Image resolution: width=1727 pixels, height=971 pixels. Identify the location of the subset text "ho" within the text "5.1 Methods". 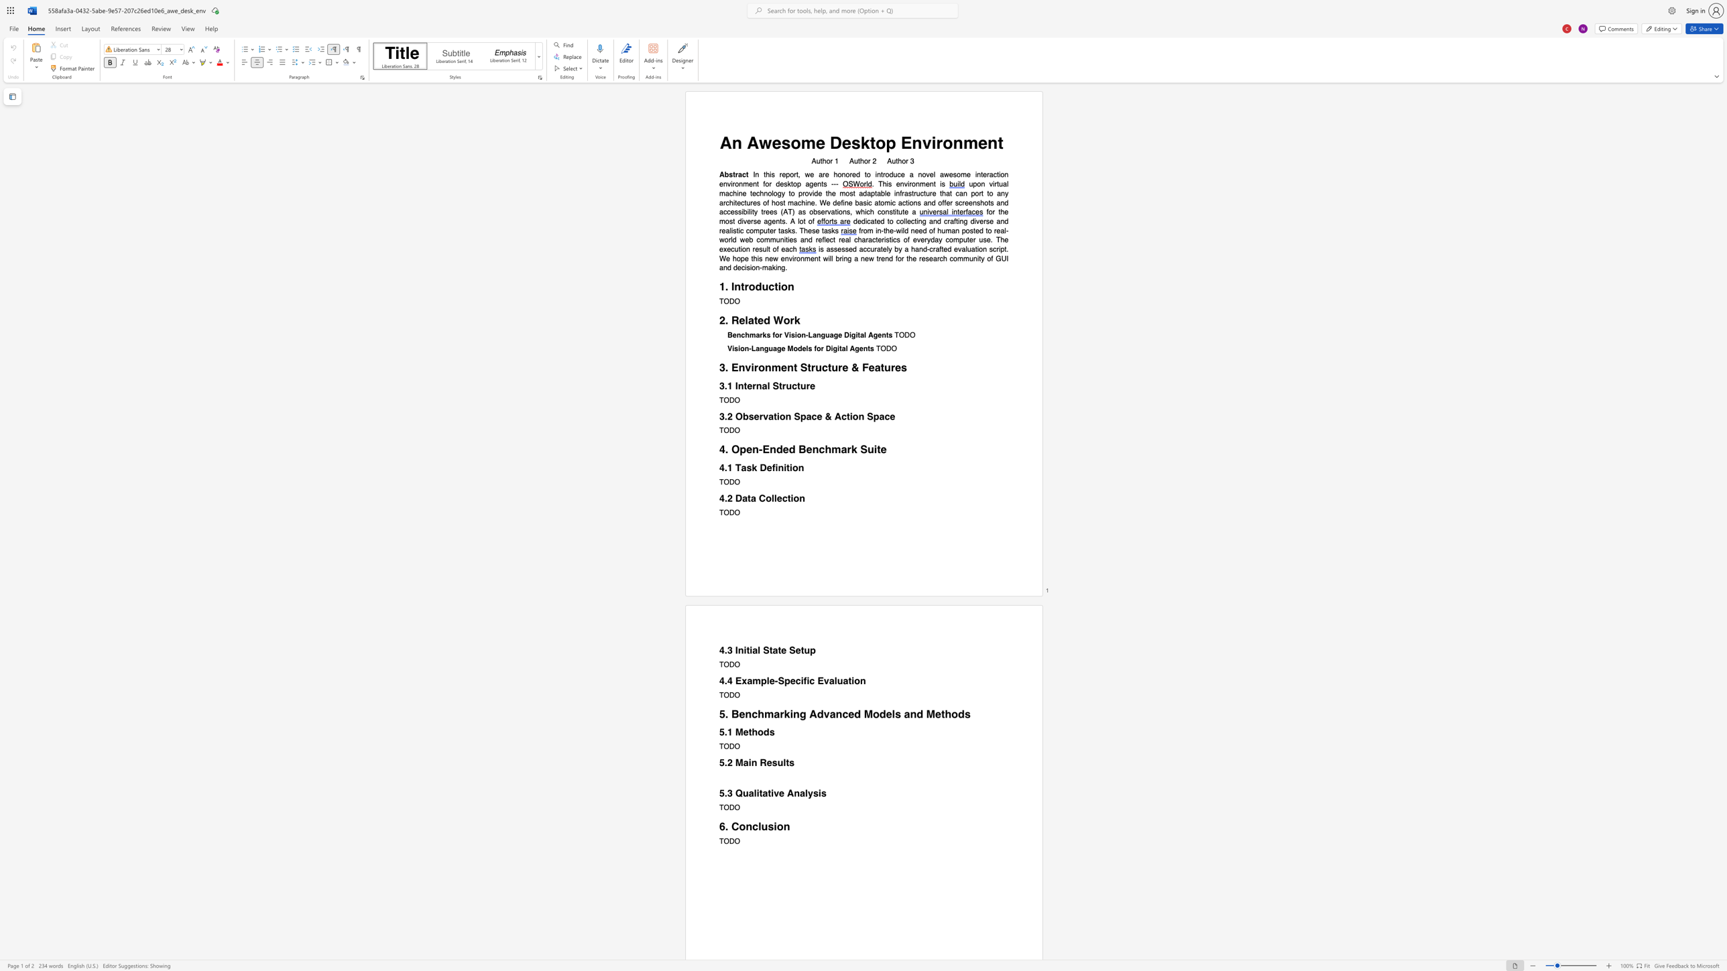
(751, 732).